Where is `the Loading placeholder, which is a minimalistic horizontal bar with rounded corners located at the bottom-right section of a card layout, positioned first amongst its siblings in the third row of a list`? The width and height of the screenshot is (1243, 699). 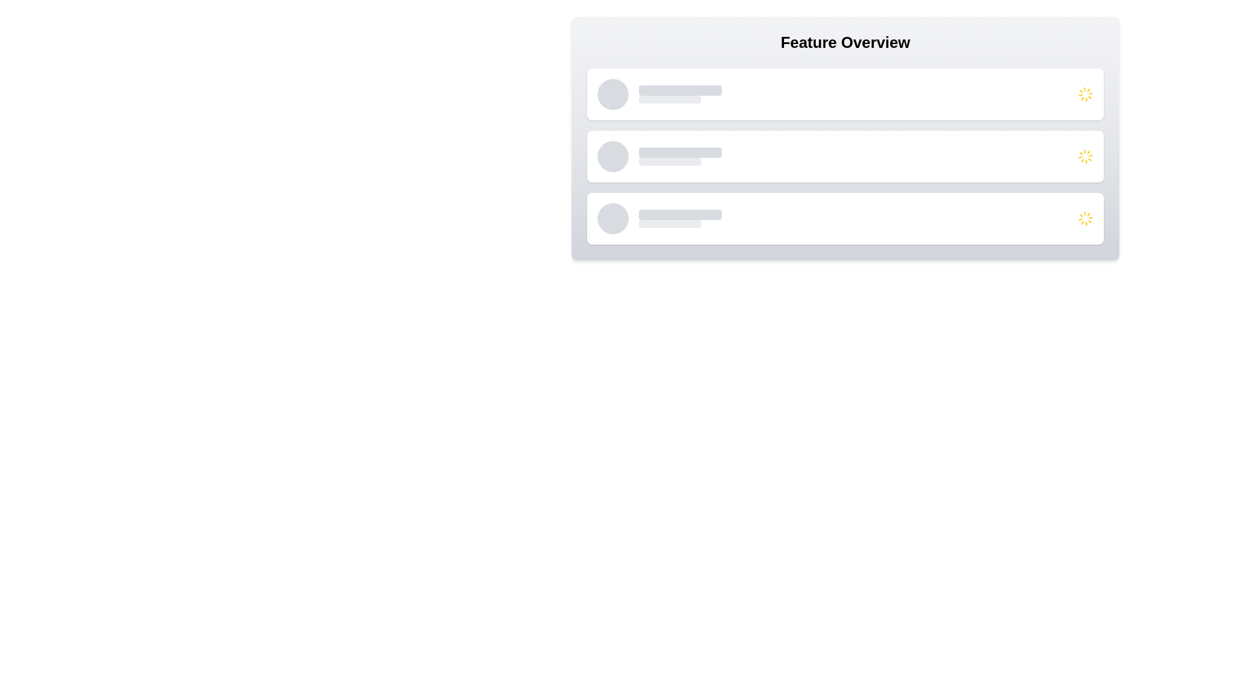 the Loading placeholder, which is a minimalistic horizontal bar with rounded corners located at the bottom-right section of a card layout, positioned first amongst its siblings in the third row of a list is located at coordinates (670, 223).